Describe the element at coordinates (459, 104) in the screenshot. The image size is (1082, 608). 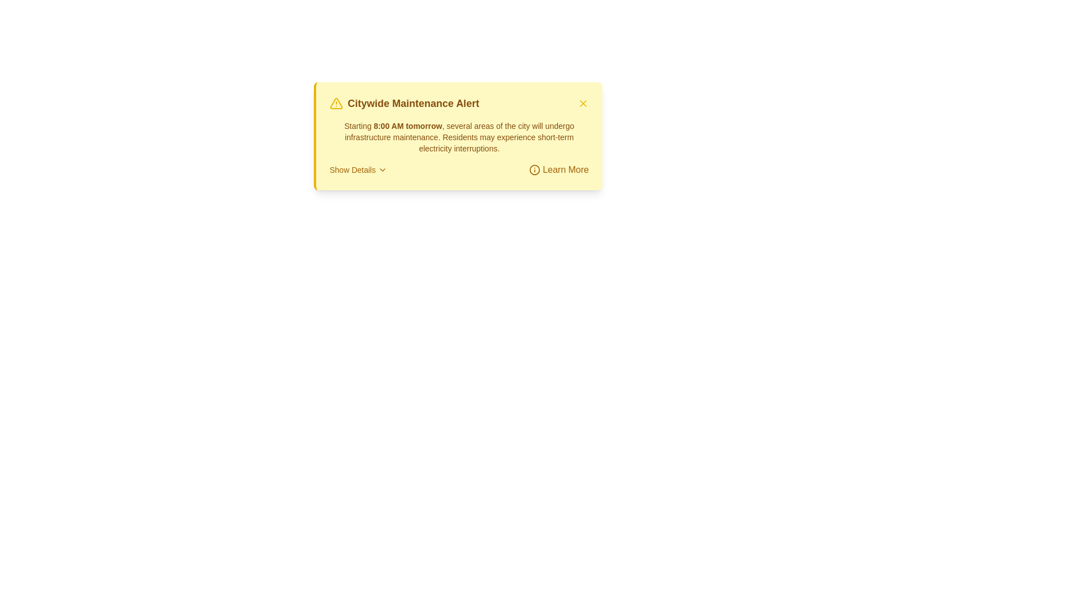
I see `text displayed on the header bar labeled 'Citywide Maintenance Alert', which is styled in bold dark yellow on a soft yellow background` at that location.